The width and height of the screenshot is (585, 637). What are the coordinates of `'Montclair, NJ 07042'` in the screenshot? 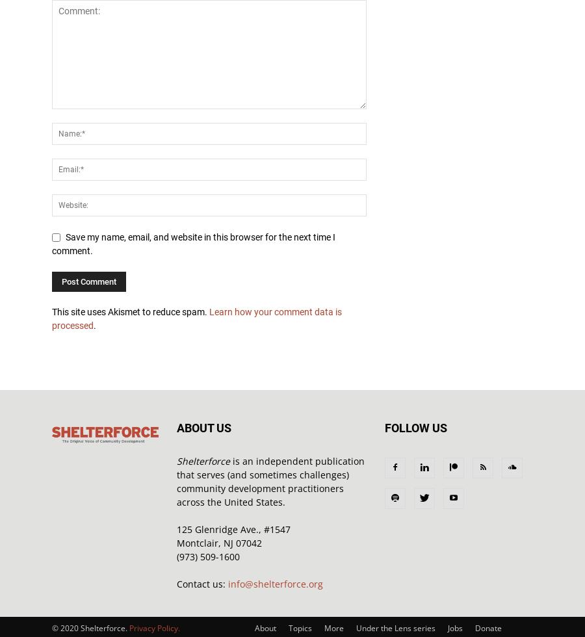 It's located at (218, 543).